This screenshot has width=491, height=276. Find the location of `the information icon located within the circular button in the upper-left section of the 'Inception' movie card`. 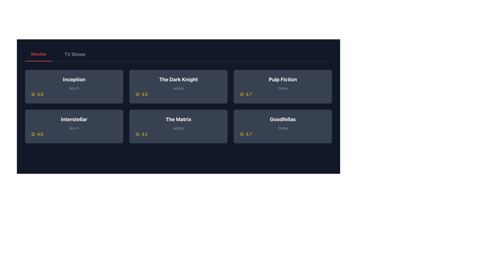

the information icon located within the circular button in the upper-left section of the 'Inception' movie card is located at coordinates (74, 86).